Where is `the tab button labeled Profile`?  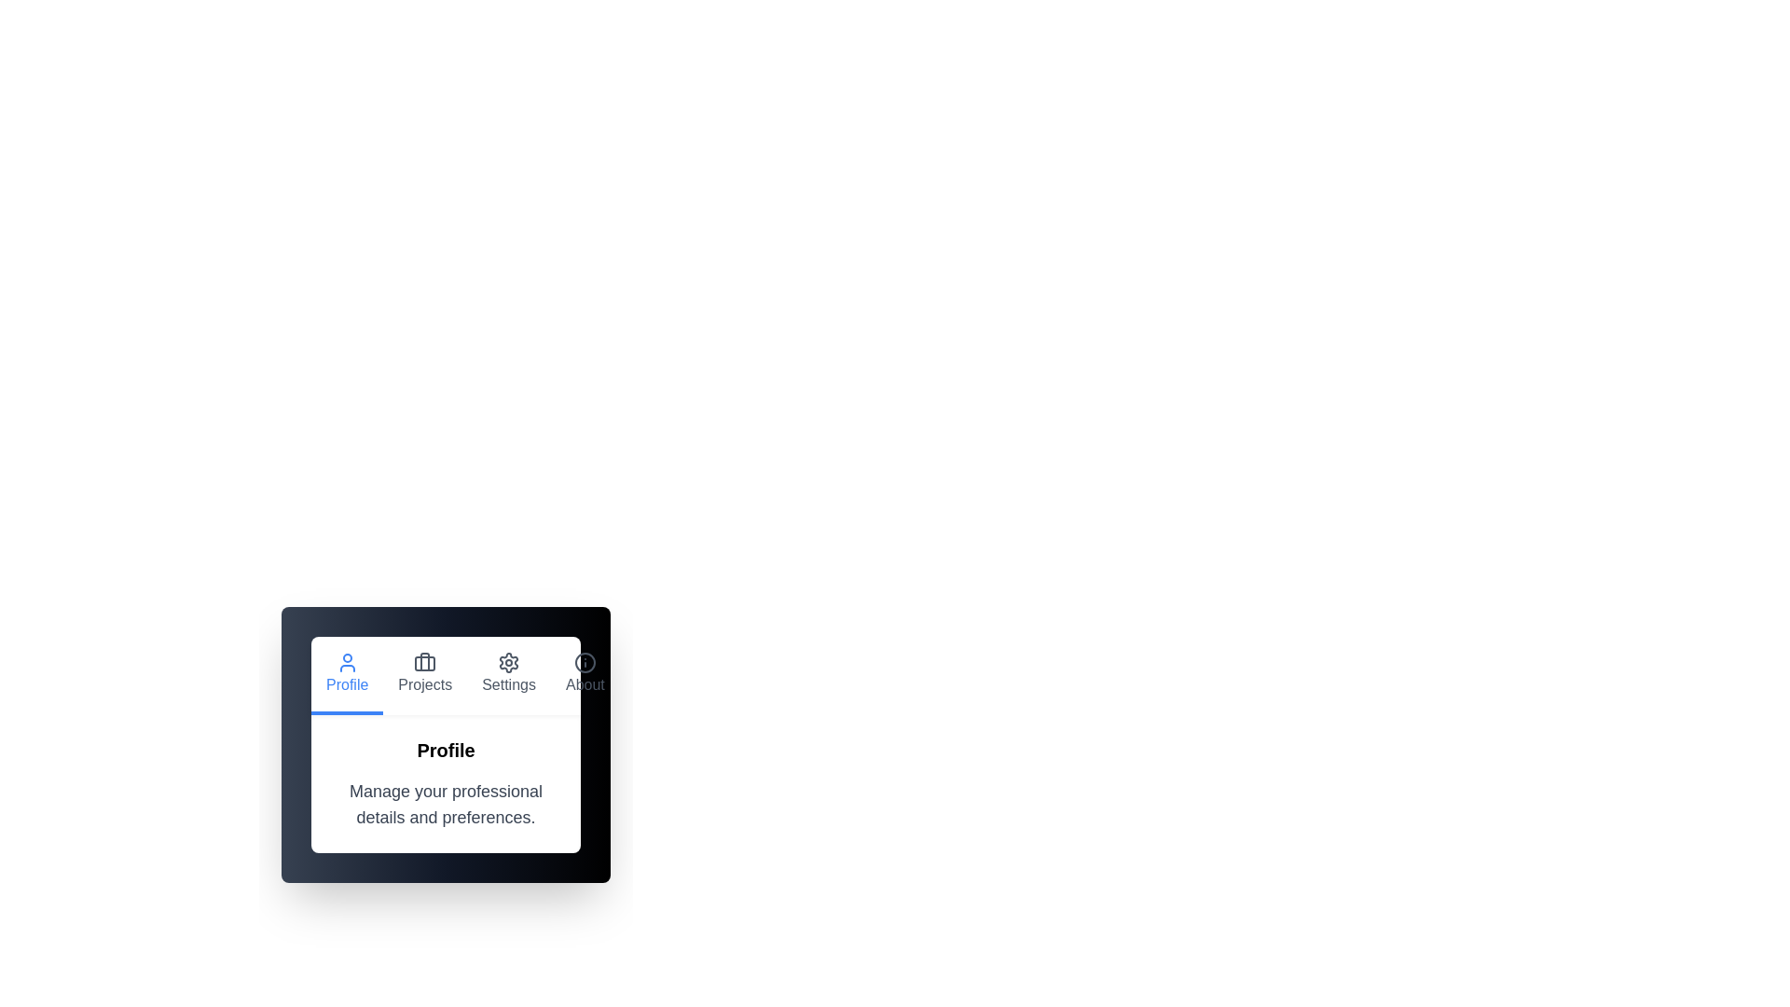 the tab button labeled Profile is located at coordinates (347, 676).